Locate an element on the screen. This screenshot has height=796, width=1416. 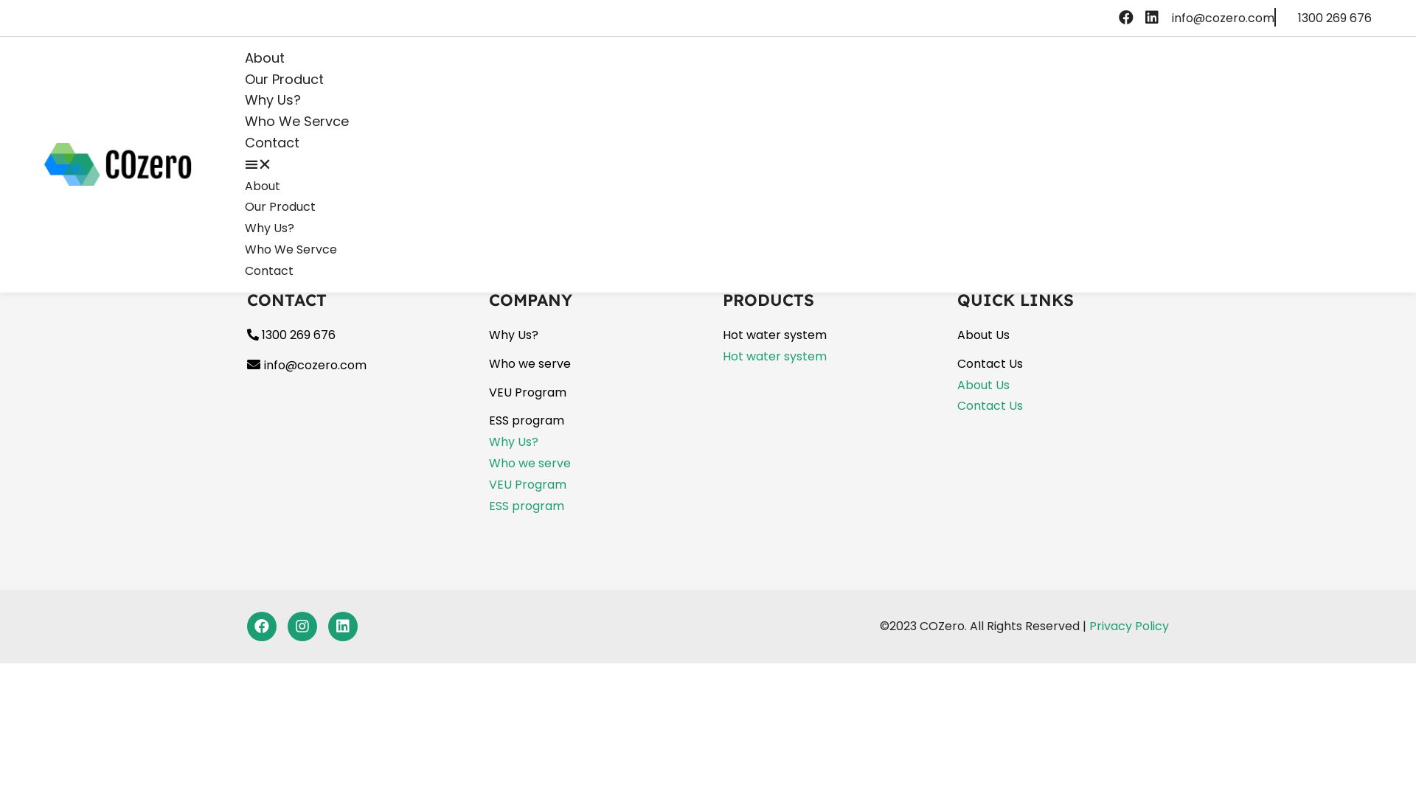
'Why Us?' is located at coordinates (513, 335).